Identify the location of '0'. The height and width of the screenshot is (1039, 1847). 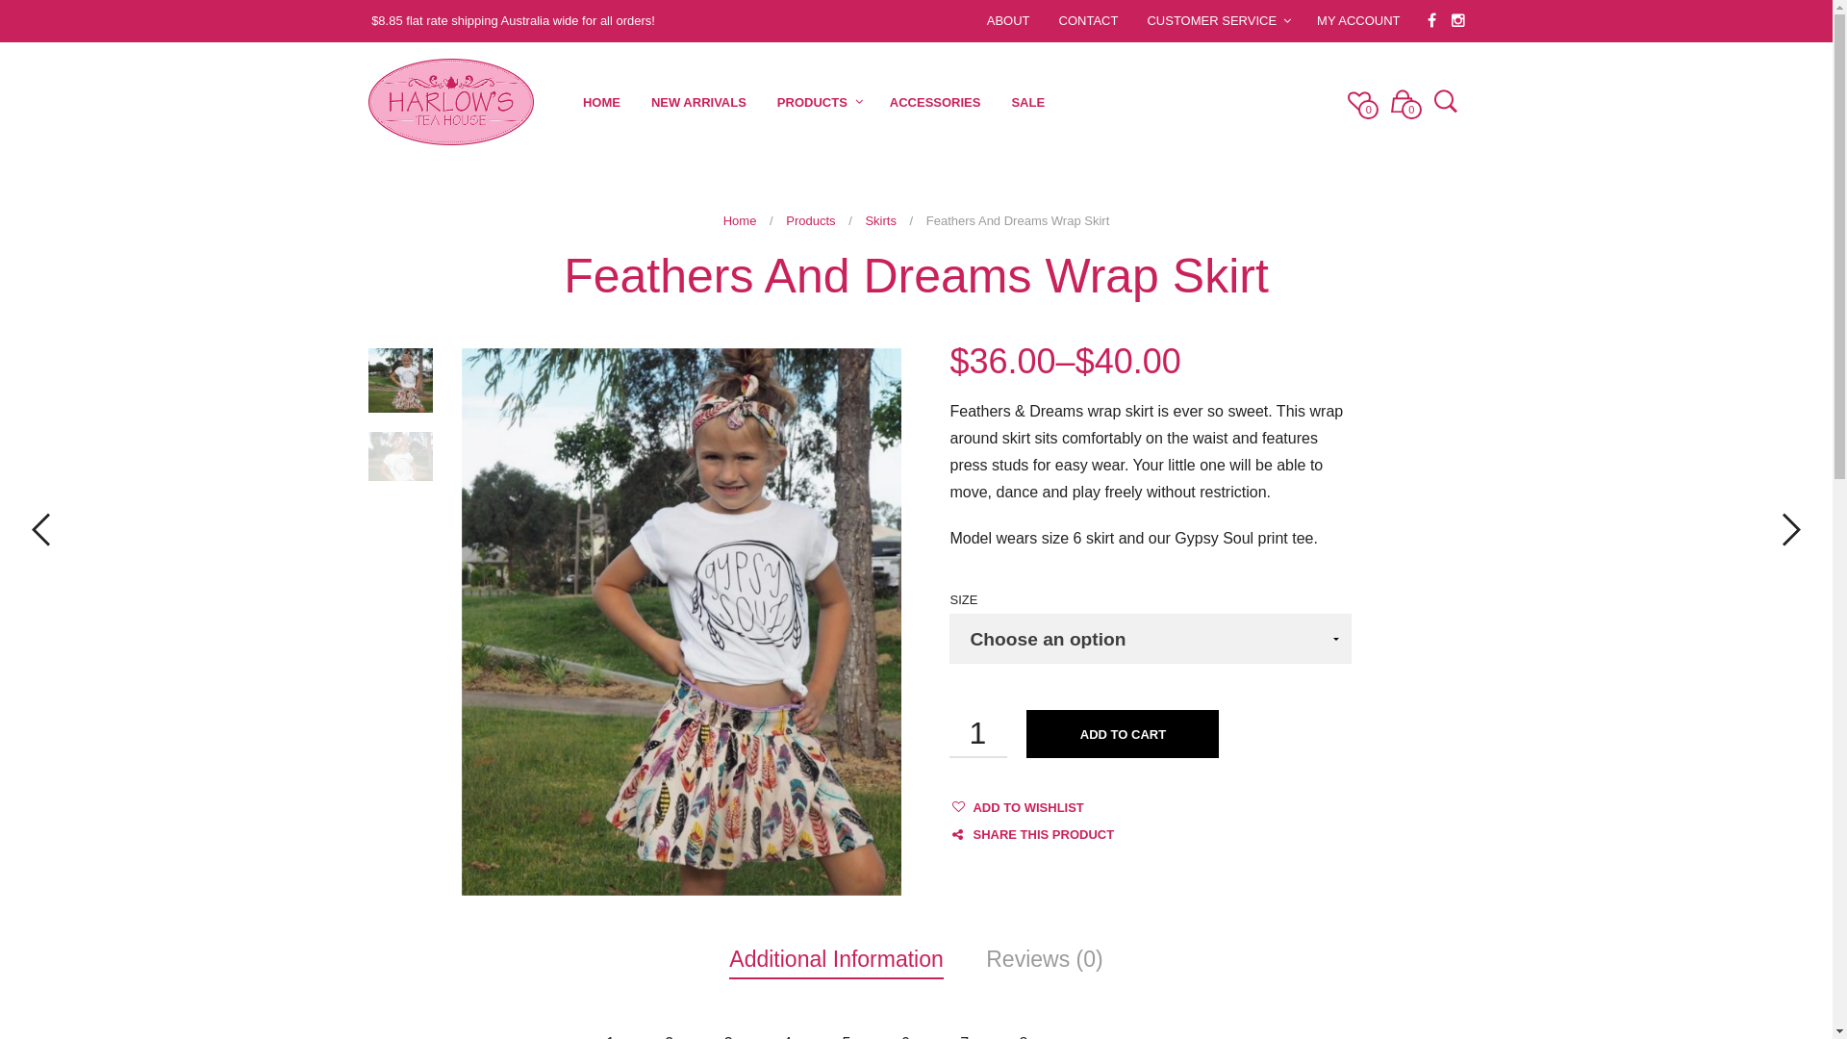
(1357, 100).